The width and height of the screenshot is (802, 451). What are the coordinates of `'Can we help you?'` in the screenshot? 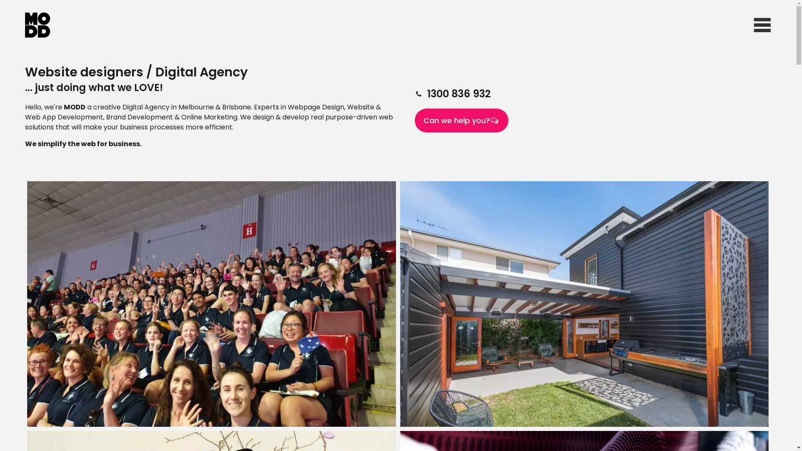 It's located at (461, 120).